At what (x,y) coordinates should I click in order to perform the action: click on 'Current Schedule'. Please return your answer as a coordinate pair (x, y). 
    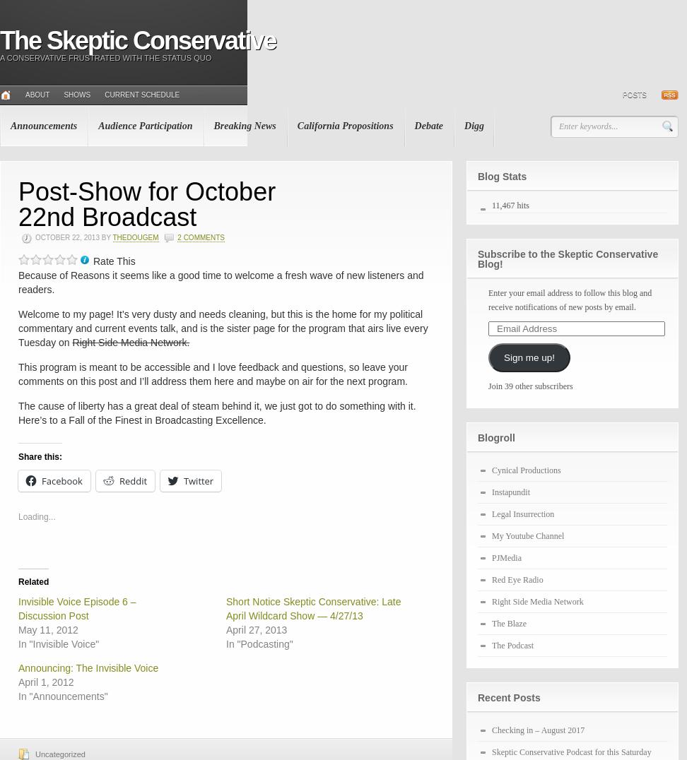
    Looking at the image, I should click on (141, 94).